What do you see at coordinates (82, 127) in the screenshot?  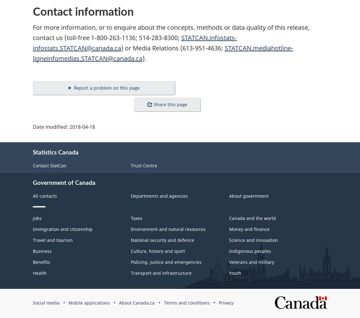 I see `'2018-04-18'` at bounding box center [82, 127].